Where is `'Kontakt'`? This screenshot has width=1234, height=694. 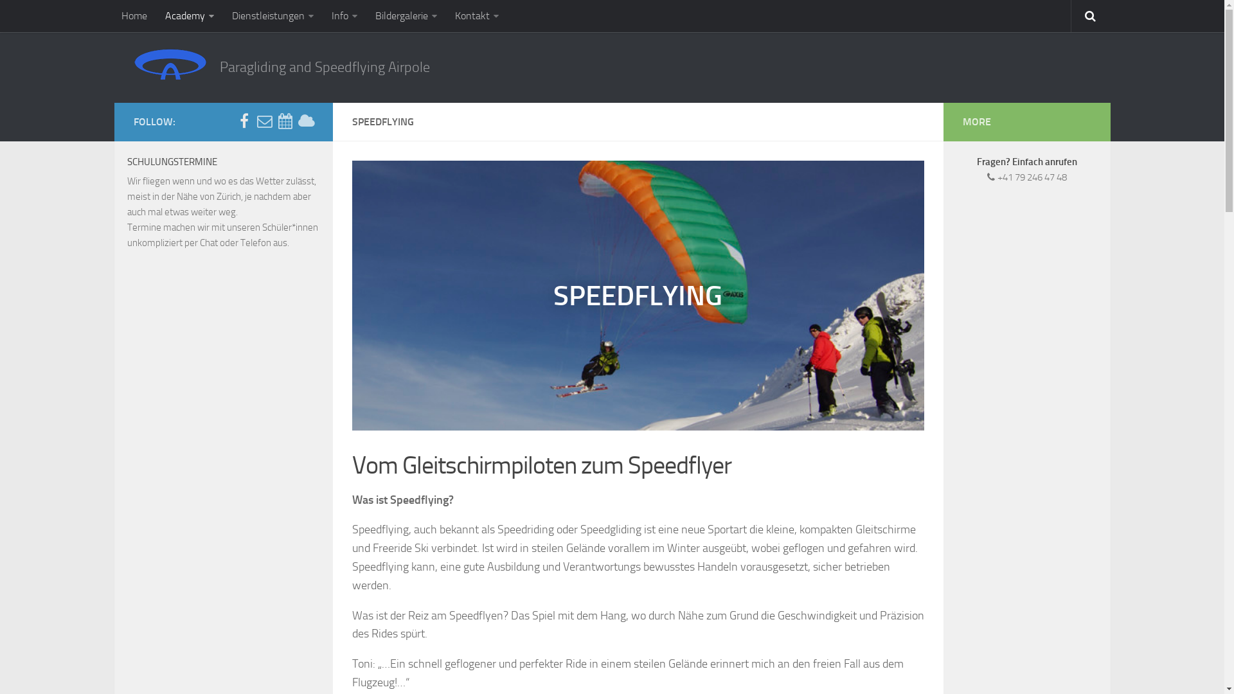 'Kontakt' is located at coordinates (476, 15).